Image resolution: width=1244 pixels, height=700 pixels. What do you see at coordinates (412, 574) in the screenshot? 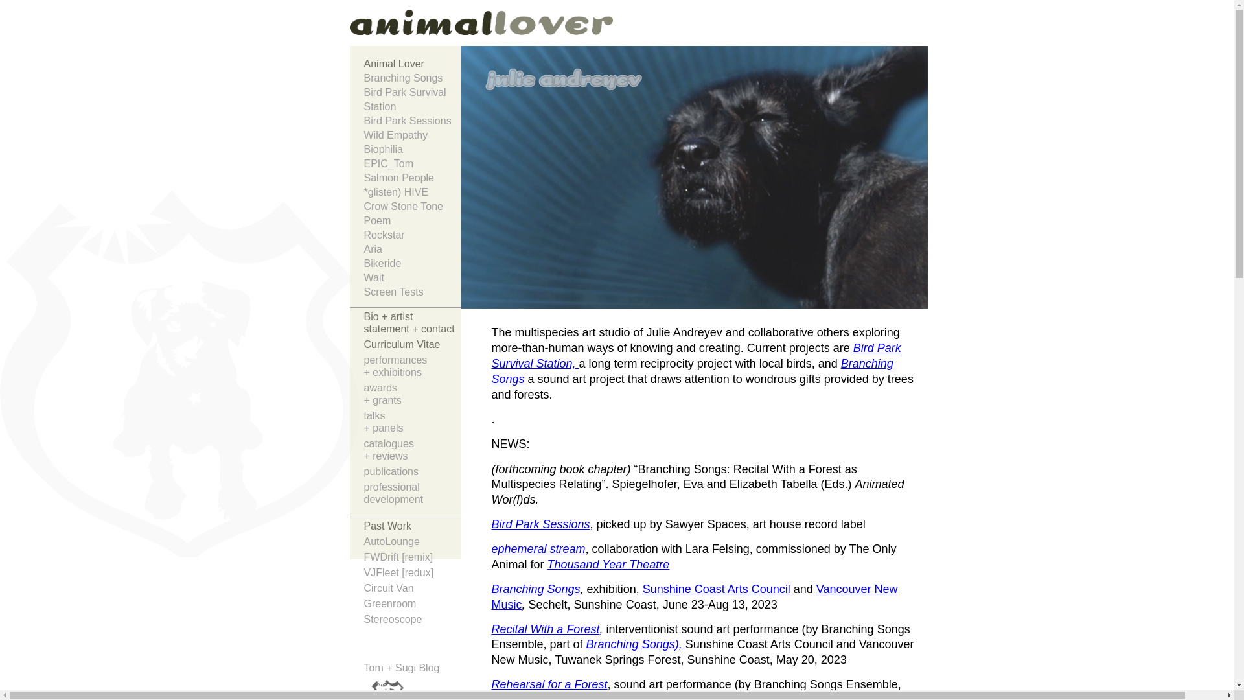
I see `'VJFleet [redux]'` at bounding box center [412, 574].